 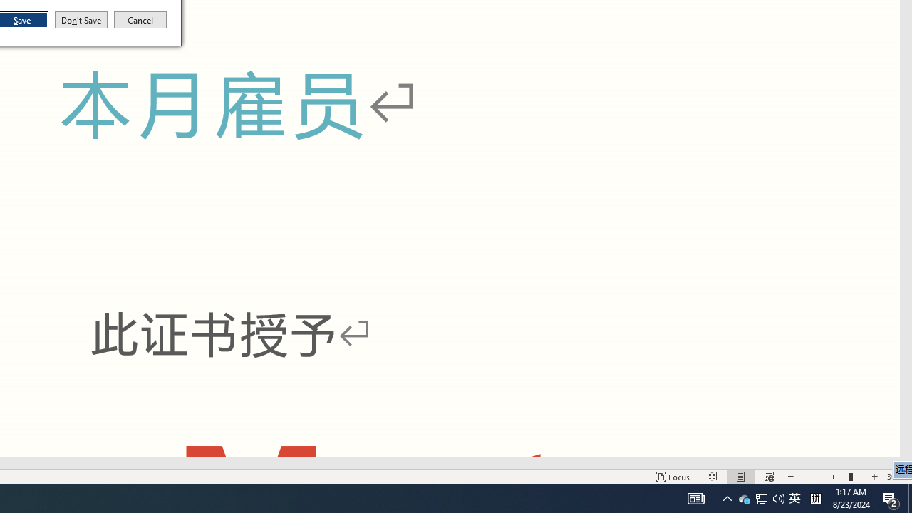 I want to click on 'Q2790: 100%', so click(x=778, y=497).